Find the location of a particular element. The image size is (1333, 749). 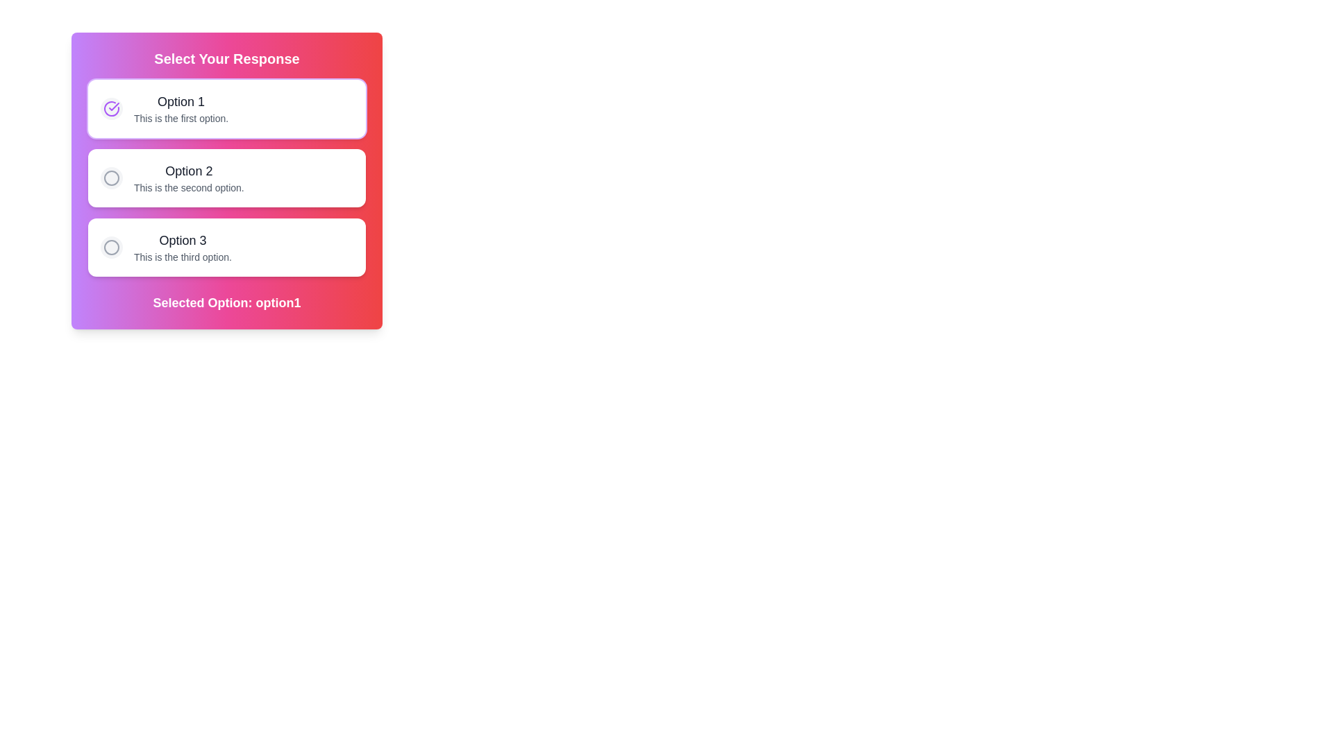

the 'Option 3' element, which is a vertically aligned option with the label 'Option 3' and supporting text is located at coordinates (182, 247).